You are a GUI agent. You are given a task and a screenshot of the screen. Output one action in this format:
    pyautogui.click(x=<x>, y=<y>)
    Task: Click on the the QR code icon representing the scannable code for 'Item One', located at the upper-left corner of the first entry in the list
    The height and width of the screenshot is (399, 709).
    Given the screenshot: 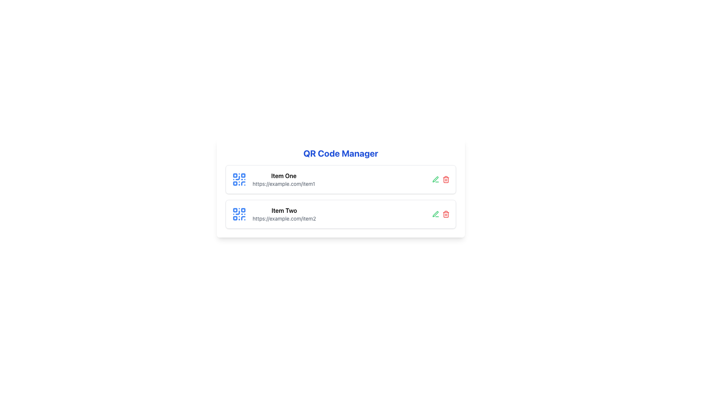 What is the action you would take?
    pyautogui.click(x=239, y=180)
    